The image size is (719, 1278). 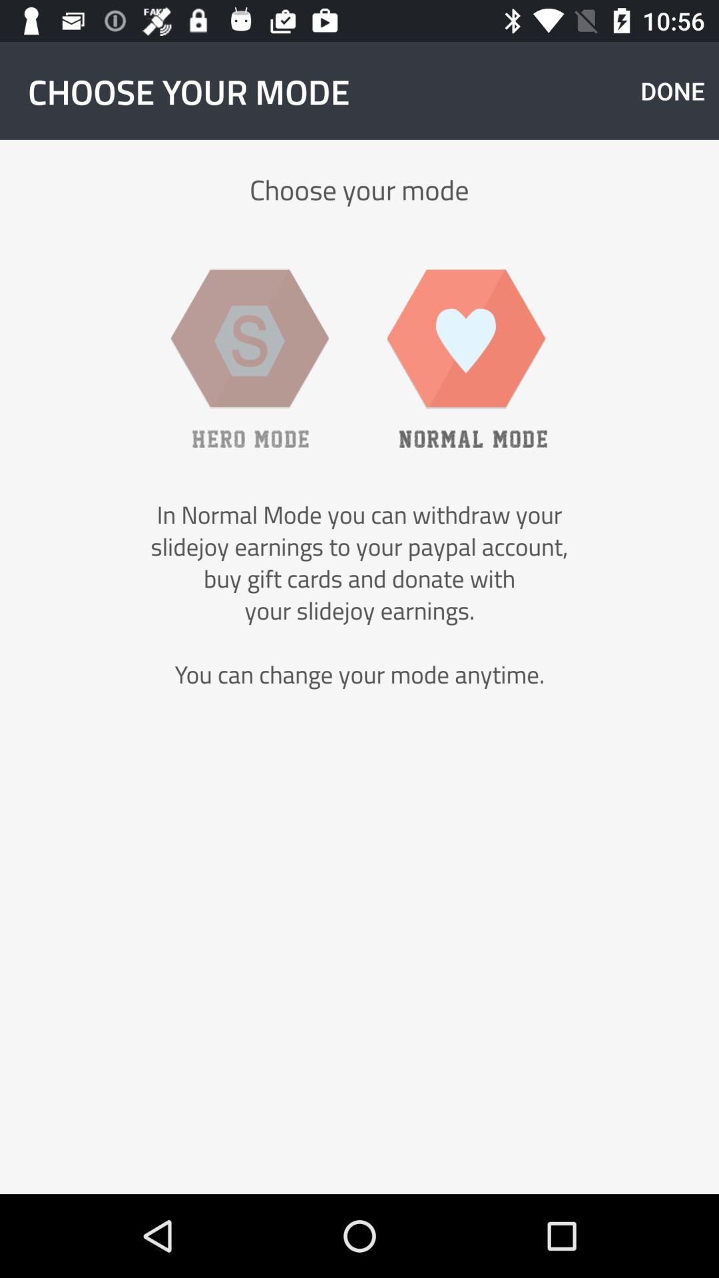 What do you see at coordinates (250, 358) in the screenshot?
I see `the icon below choose your mode item` at bounding box center [250, 358].